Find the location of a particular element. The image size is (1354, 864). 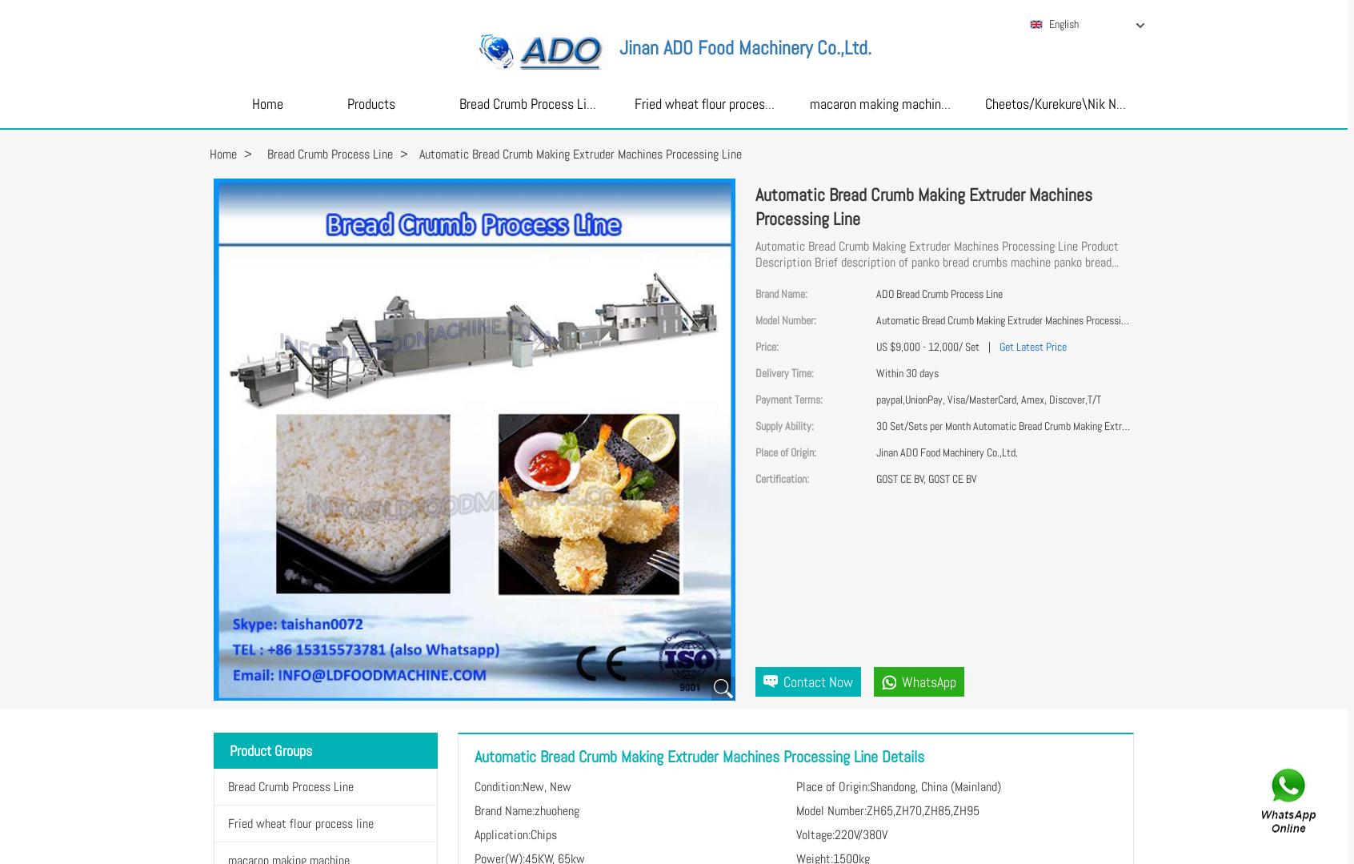

'Brand Name:' is located at coordinates (780, 293).